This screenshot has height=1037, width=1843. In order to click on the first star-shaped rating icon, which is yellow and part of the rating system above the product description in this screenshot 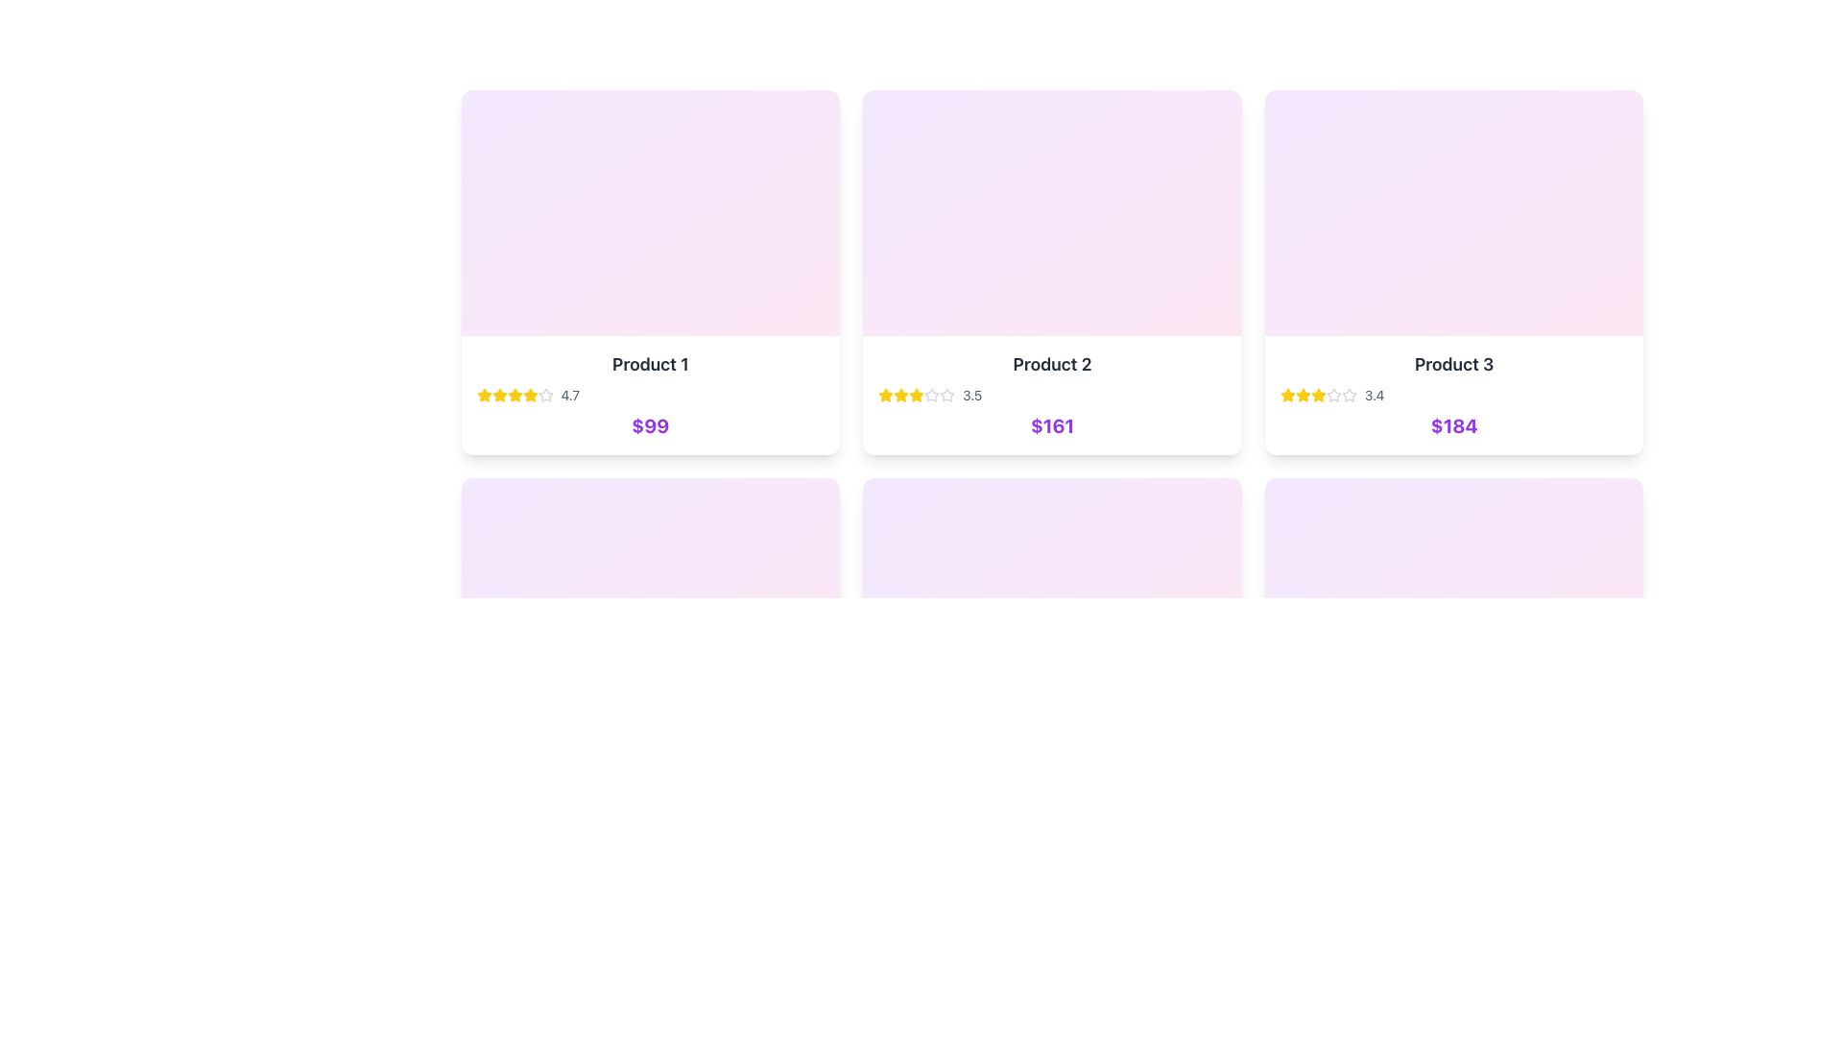, I will do `click(484, 395)`.